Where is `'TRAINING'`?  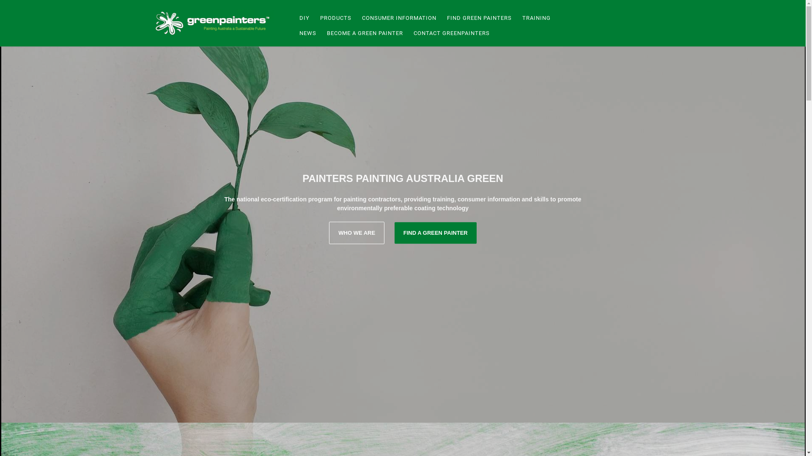 'TRAINING' is located at coordinates (535, 18).